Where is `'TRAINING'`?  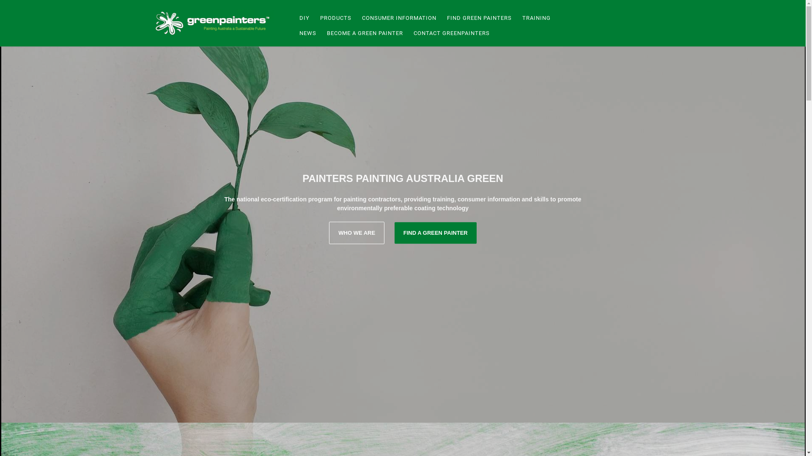 'TRAINING' is located at coordinates (535, 18).